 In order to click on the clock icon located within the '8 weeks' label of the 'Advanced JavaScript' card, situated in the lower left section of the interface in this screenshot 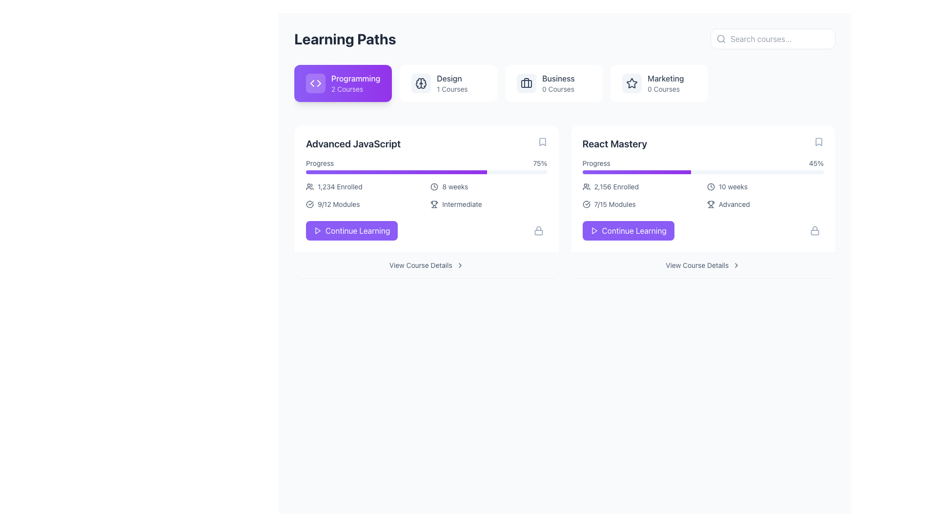, I will do `click(434, 186)`.